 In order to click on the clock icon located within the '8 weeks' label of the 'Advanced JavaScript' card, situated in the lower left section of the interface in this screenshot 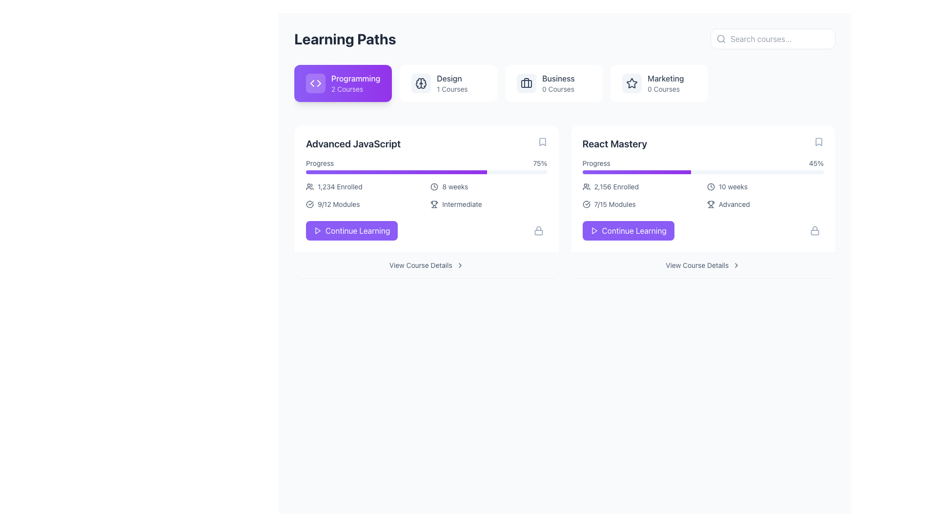, I will do `click(434, 186)`.